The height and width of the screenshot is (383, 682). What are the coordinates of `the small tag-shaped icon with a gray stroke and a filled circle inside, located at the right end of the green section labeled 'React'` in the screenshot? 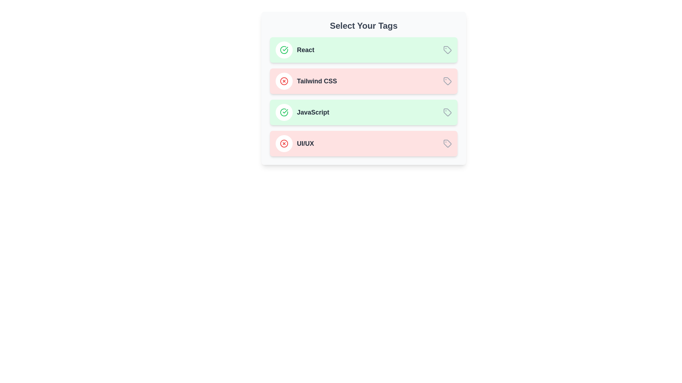 It's located at (447, 50).